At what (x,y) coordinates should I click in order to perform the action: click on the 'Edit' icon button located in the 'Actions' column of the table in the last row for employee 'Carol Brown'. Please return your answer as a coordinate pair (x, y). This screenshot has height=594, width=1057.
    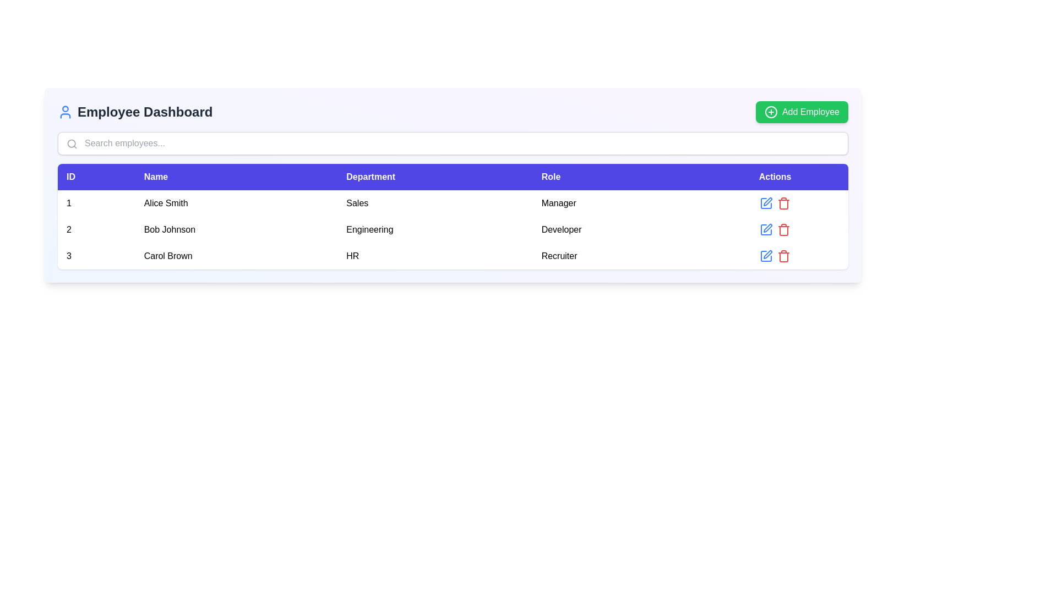
    Looking at the image, I should click on (766, 256).